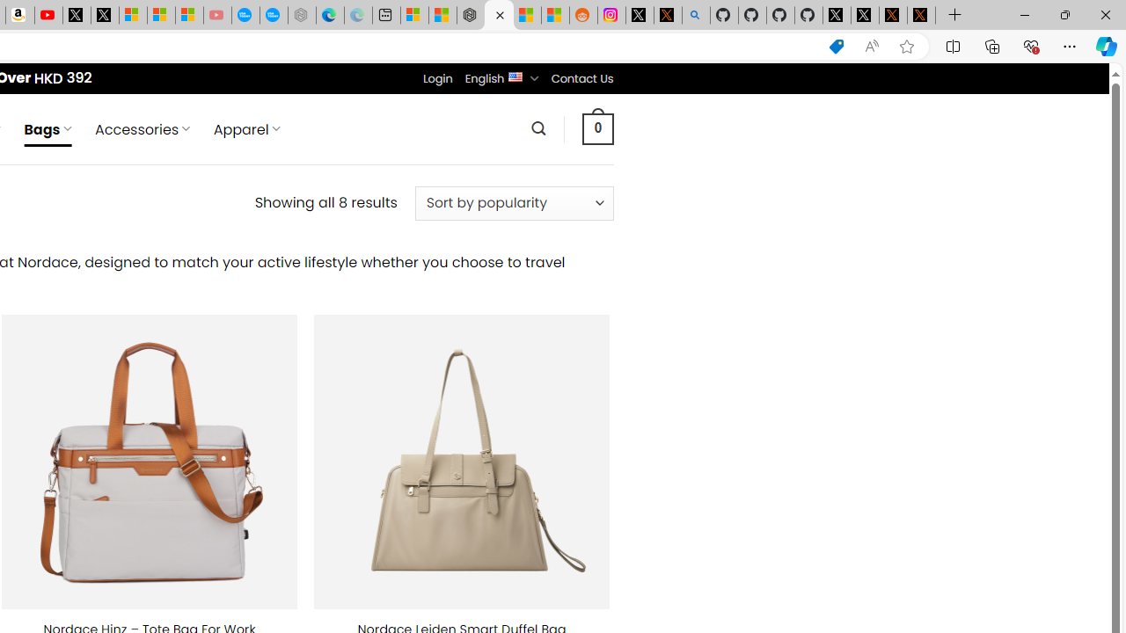 The height and width of the screenshot is (633, 1126). Describe the element at coordinates (413, 15) in the screenshot. I see `'Microsoft account | Microsoft Account Privacy Settings'` at that location.